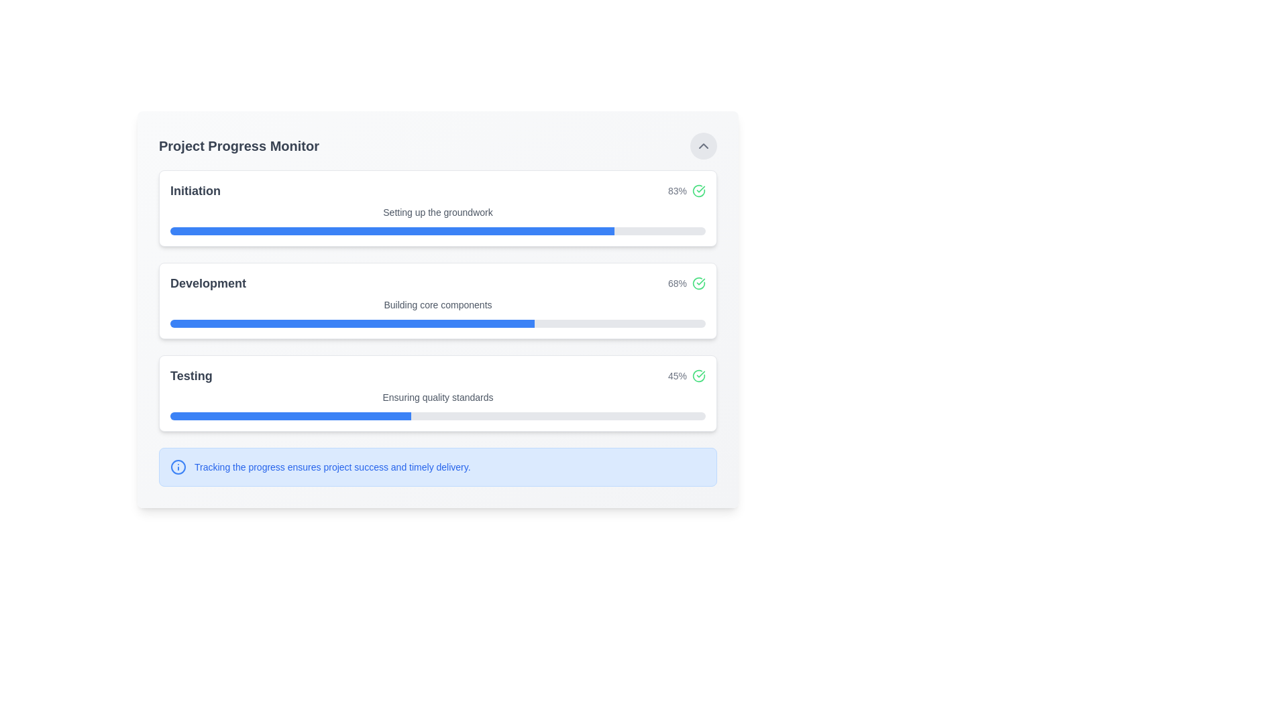  I want to click on the button with an embedded chevron up arrow icon located, so click(703, 146).